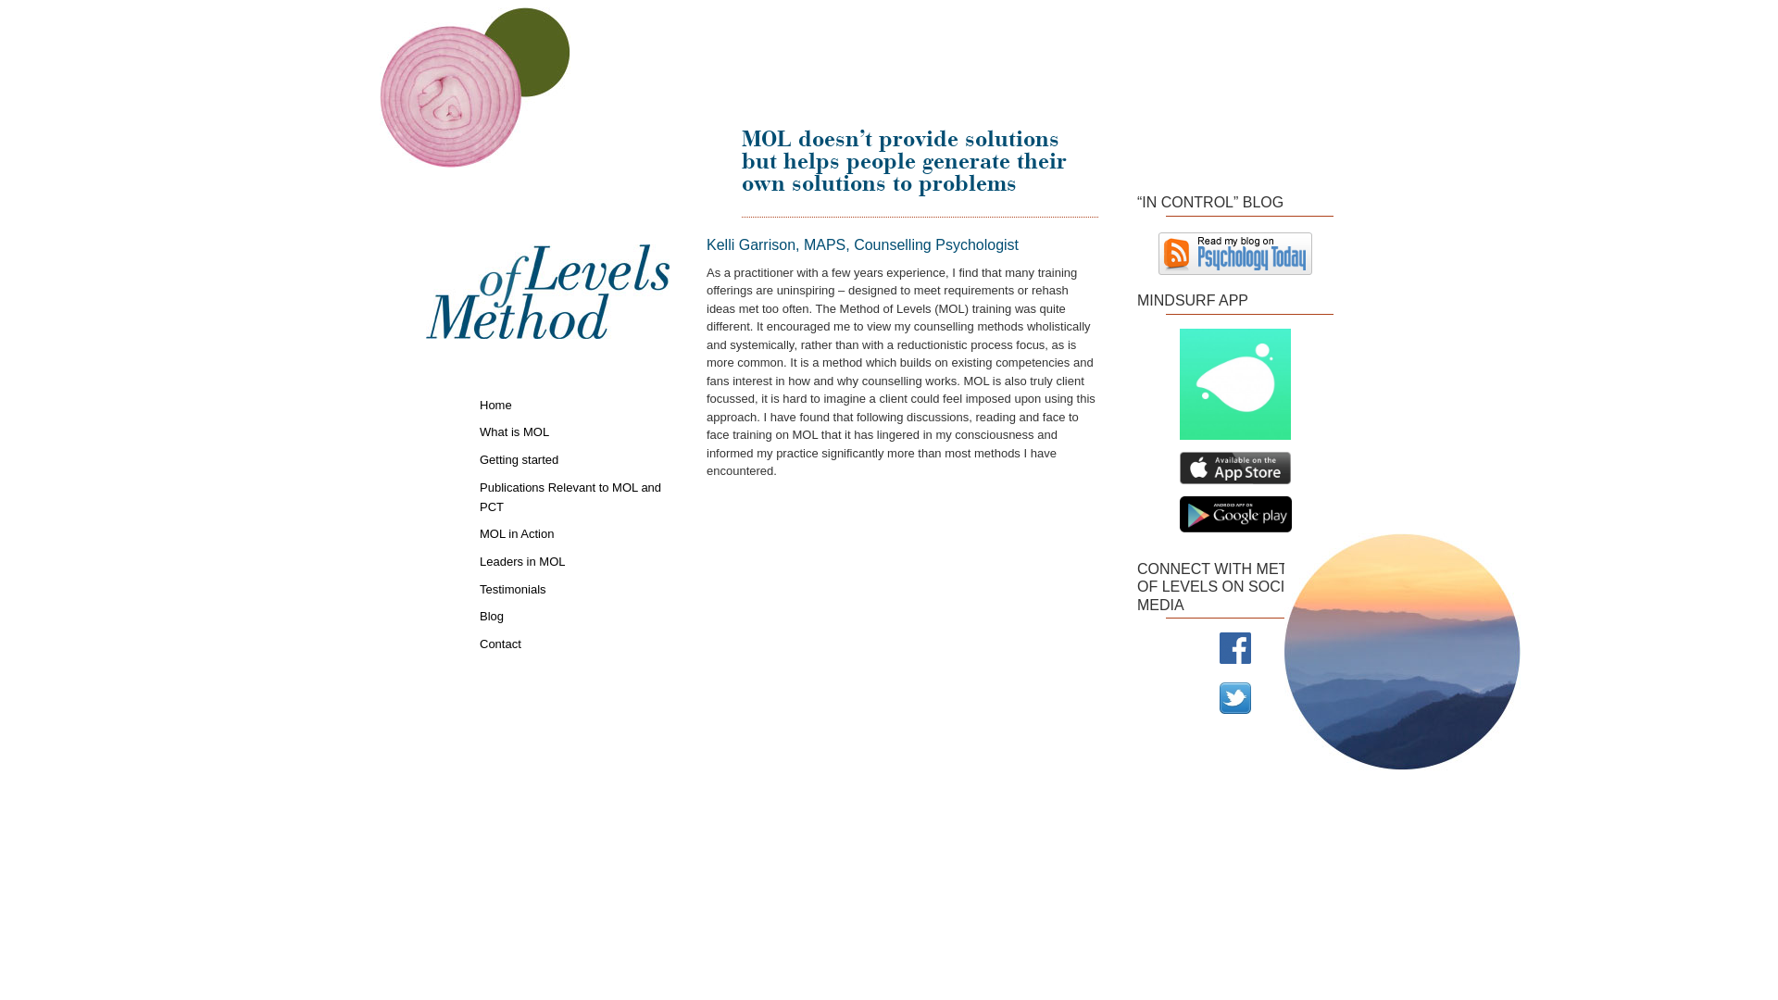 The height and width of the screenshot is (1000, 1778). I want to click on 'Leaders in MOL', so click(573, 559).